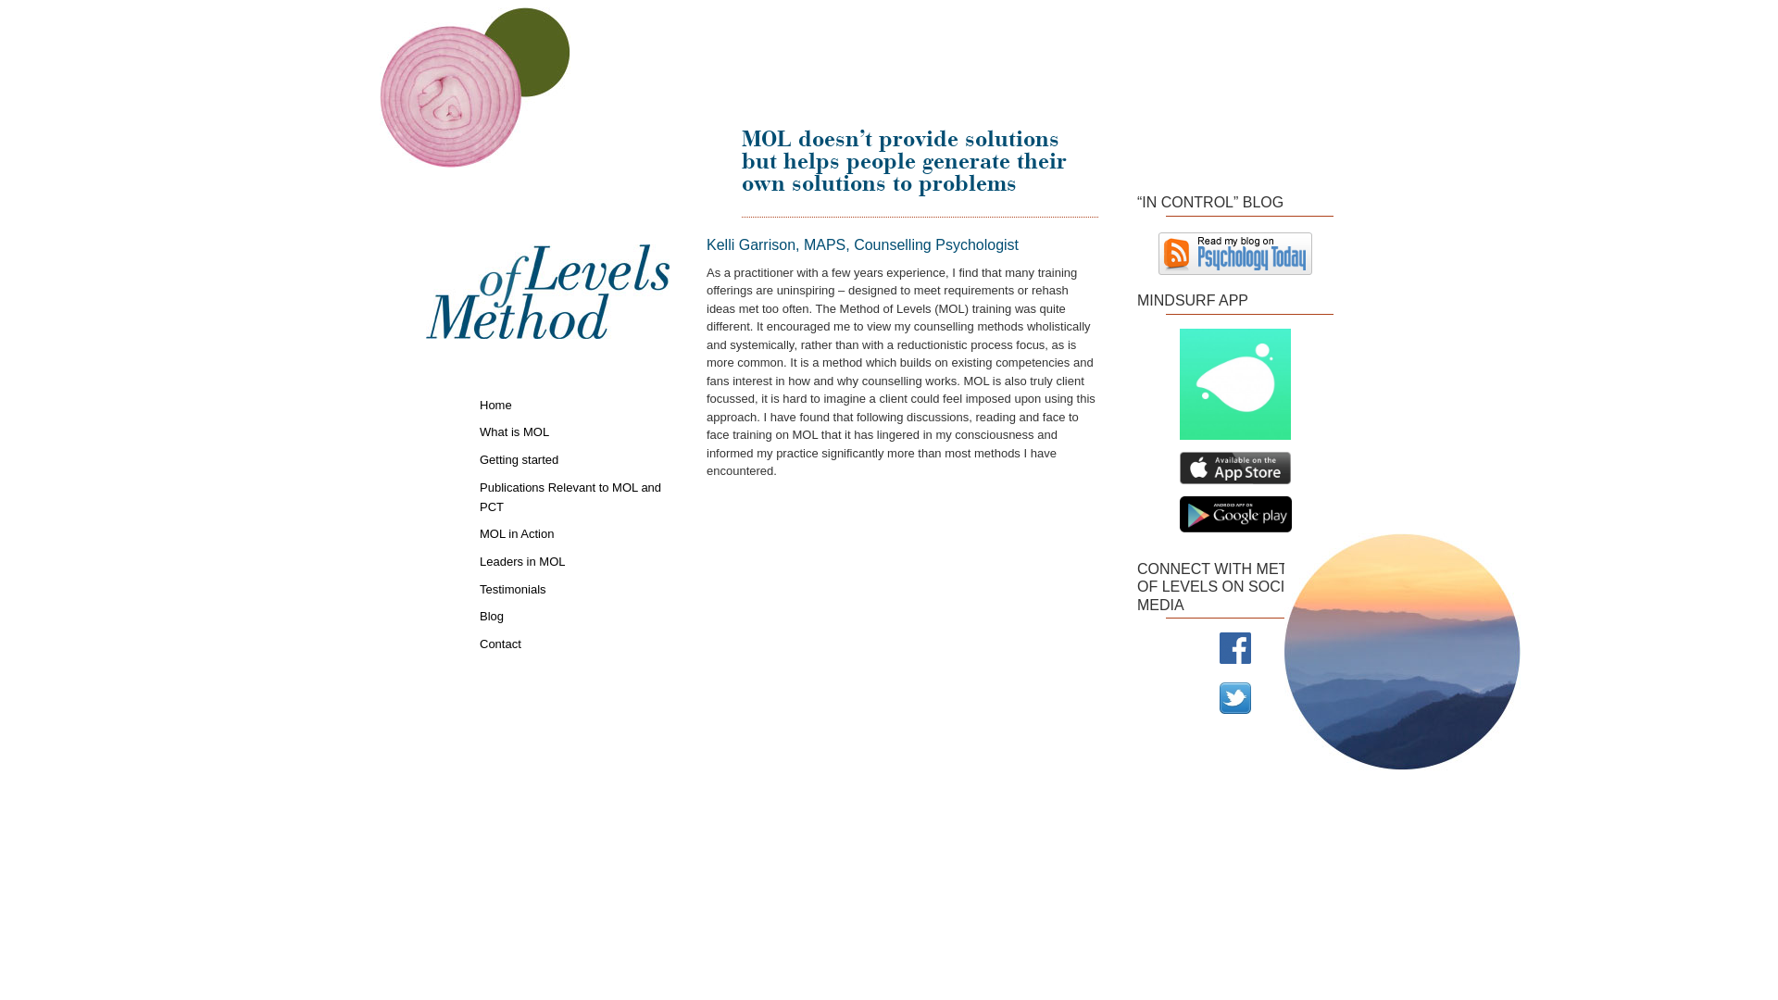 The height and width of the screenshot is (1000, 1778). I want to click on 'Leaders in MOL', so click(573, 559).